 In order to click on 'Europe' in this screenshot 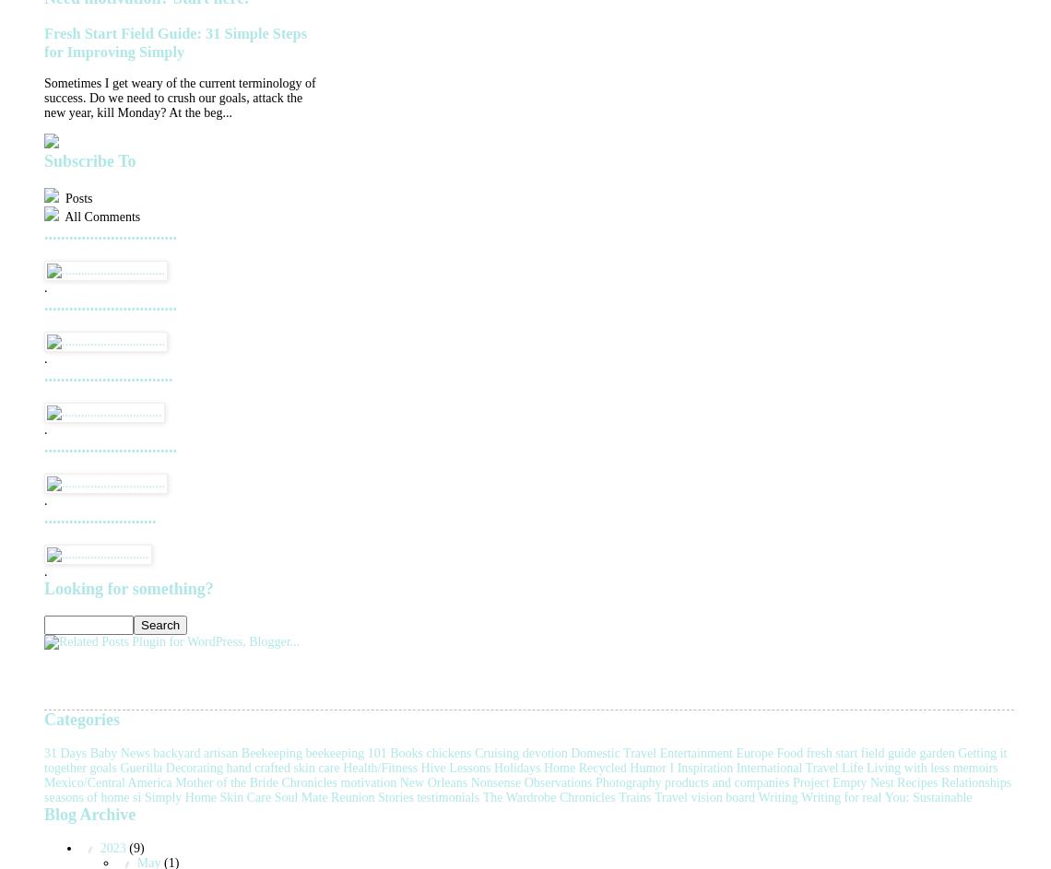, I will do `click(752, 751)`.